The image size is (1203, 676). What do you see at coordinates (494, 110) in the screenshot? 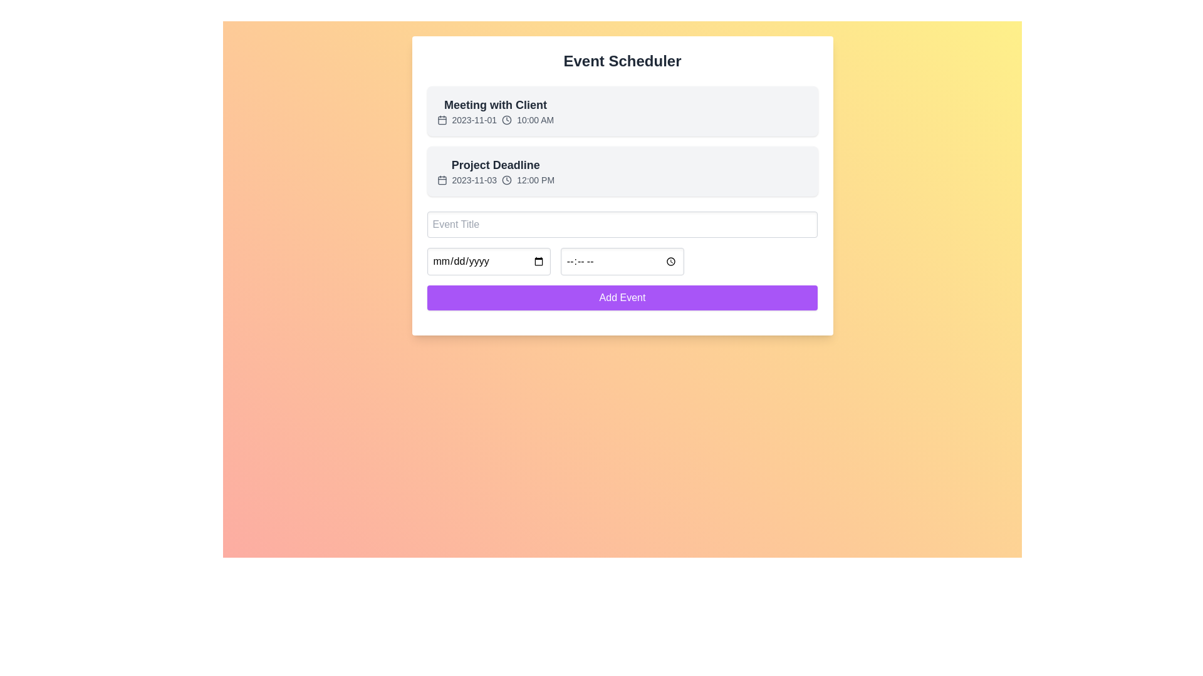
I see `the scheduled meeting element titled 'Meeting with Client' to possibly reveal tooltips` at bounding box center [494, 110].